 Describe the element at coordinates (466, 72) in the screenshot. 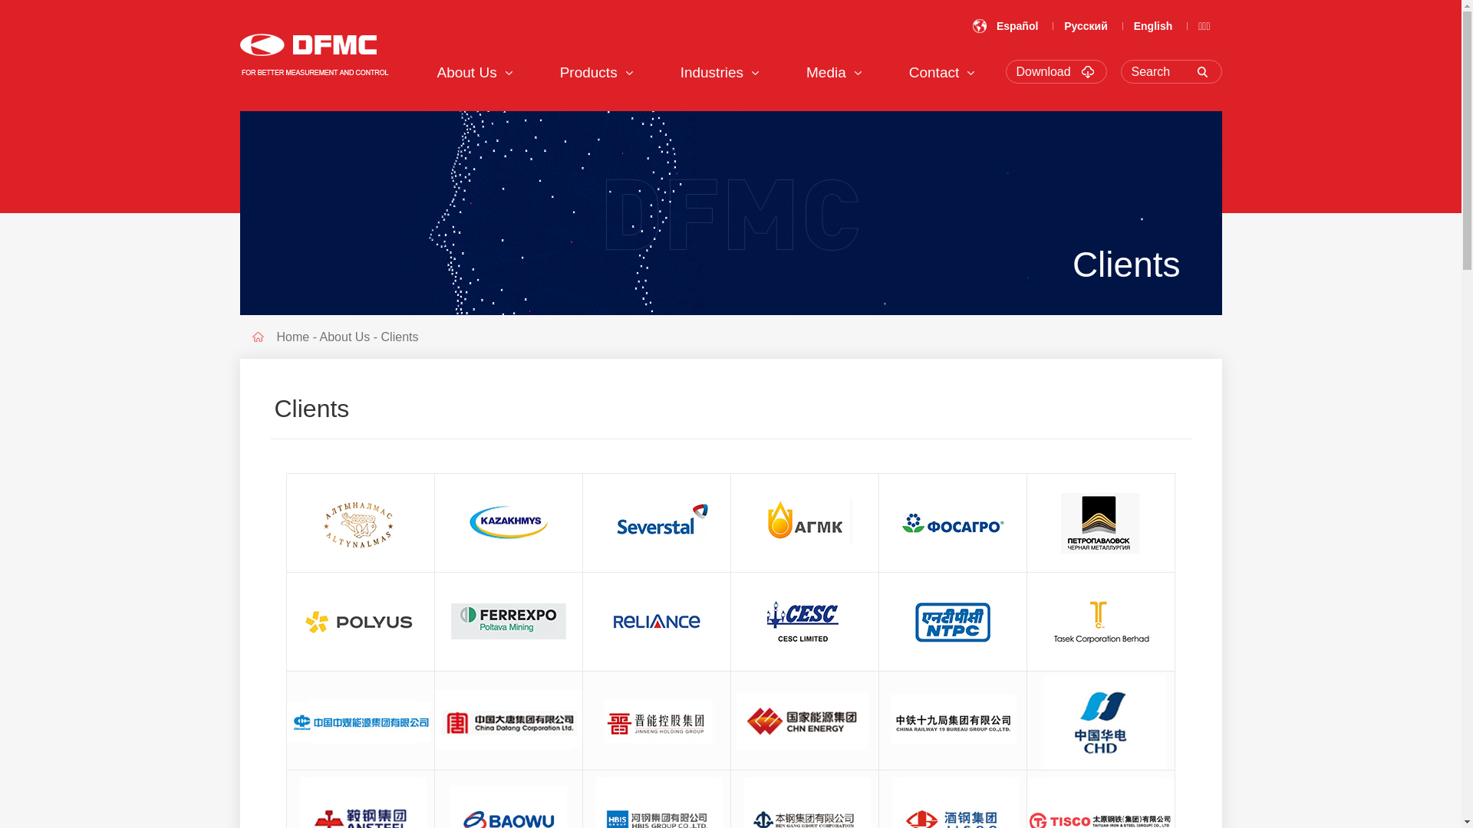

I see `'About Us'` at that location.